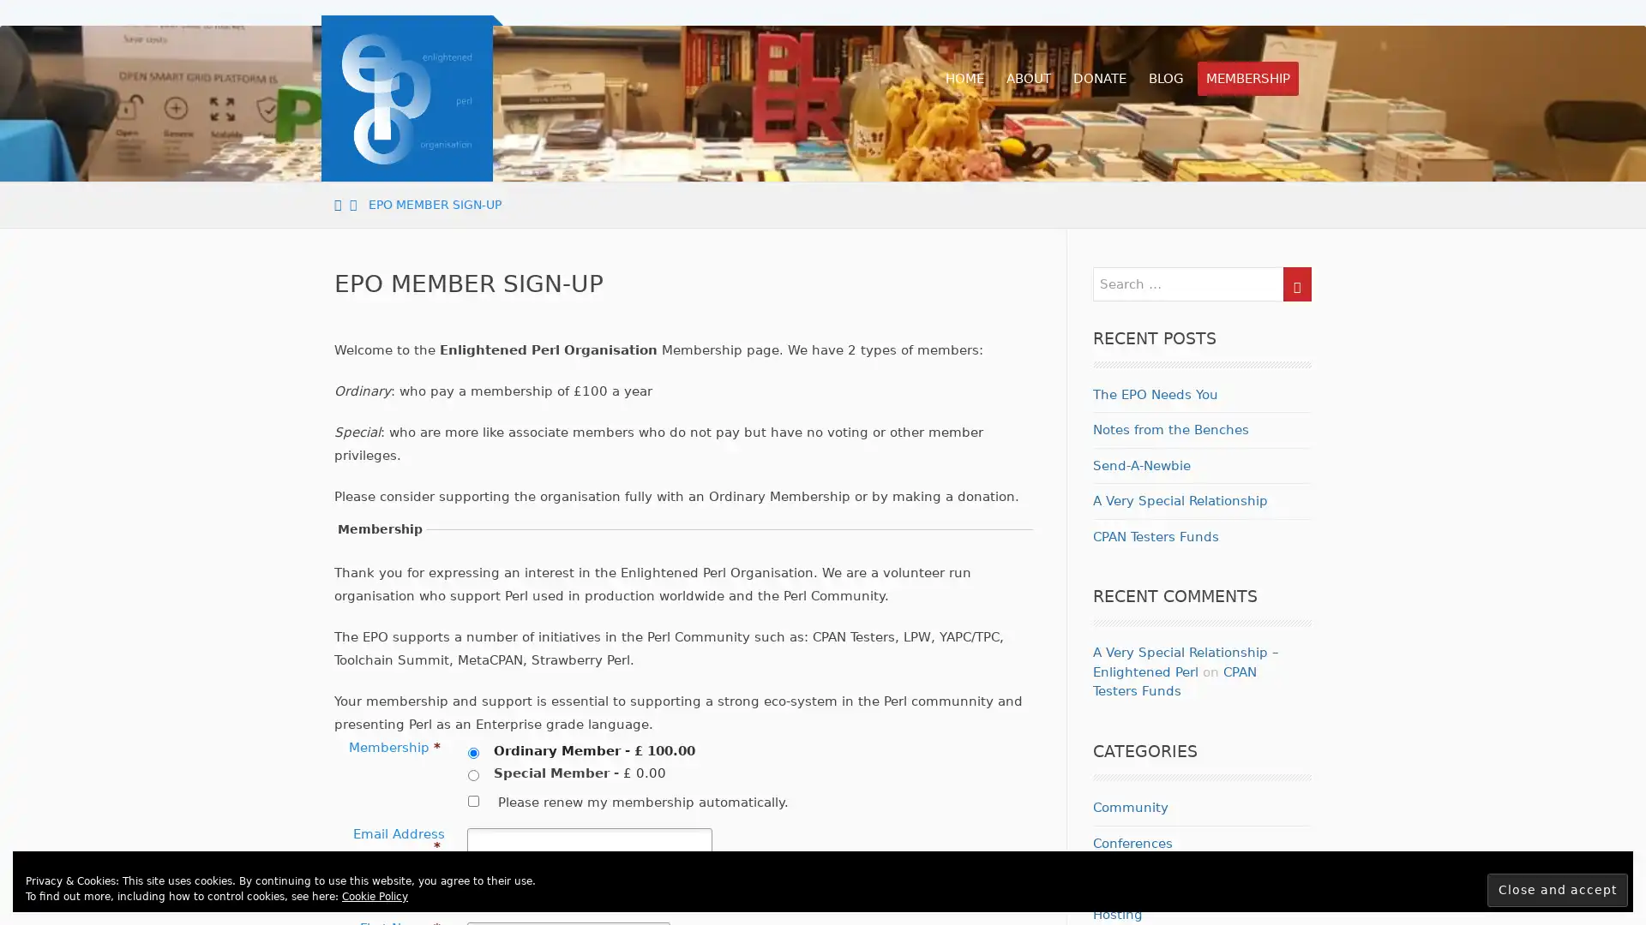 The image size is (1646, 925). I want to click on Close and accept, so click(1558, 889).